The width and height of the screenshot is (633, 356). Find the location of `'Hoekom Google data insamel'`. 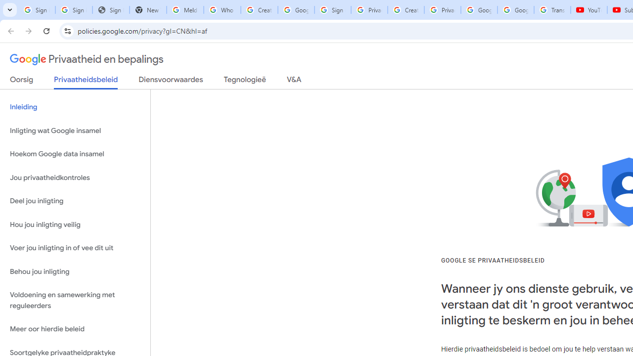

'Hoekom Google data insamel' is located at coordinates (75, 154).